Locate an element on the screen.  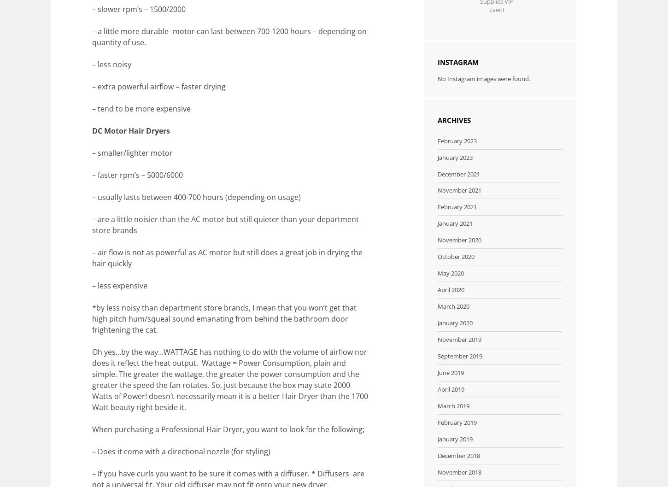
'– extra powerful airflow = faster drying' is located at coordinates (158, 87).